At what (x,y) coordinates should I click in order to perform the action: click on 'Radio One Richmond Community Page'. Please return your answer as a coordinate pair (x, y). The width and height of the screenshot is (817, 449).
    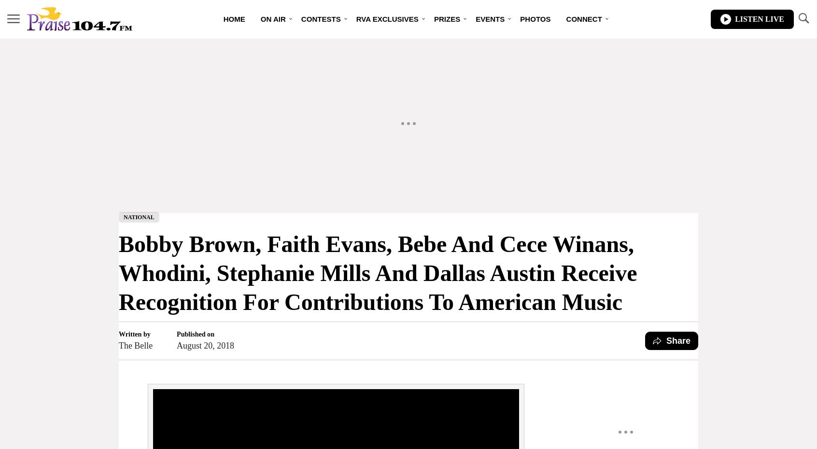
    Looking at the image, I should click on (407, 57).